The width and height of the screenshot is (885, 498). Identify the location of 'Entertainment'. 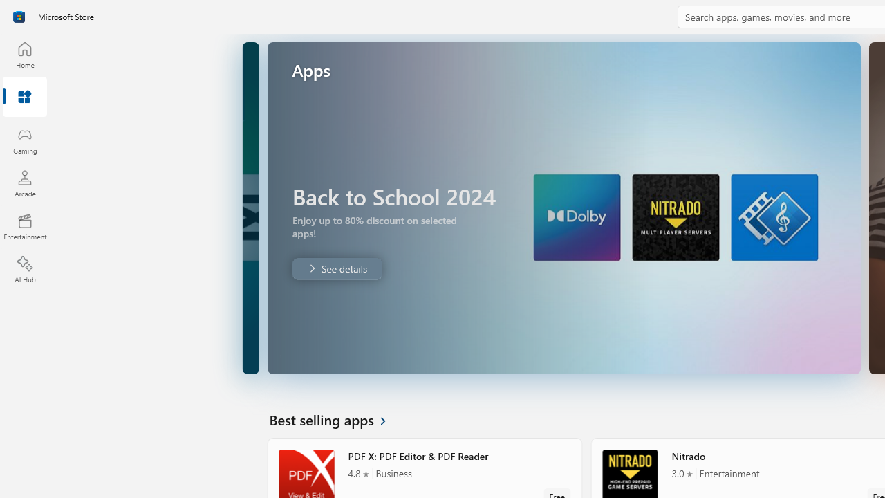
(24, 225).